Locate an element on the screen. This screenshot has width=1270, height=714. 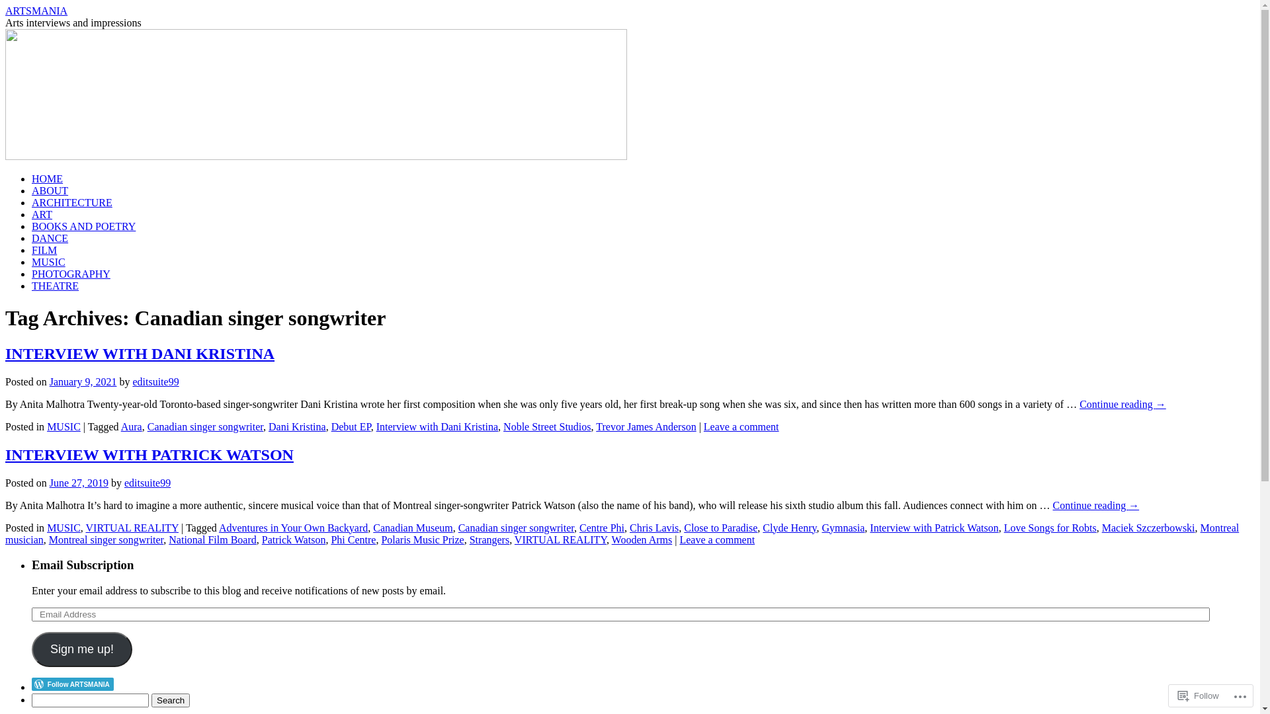
'Sign me up!' is located at coordinates (81, 649).